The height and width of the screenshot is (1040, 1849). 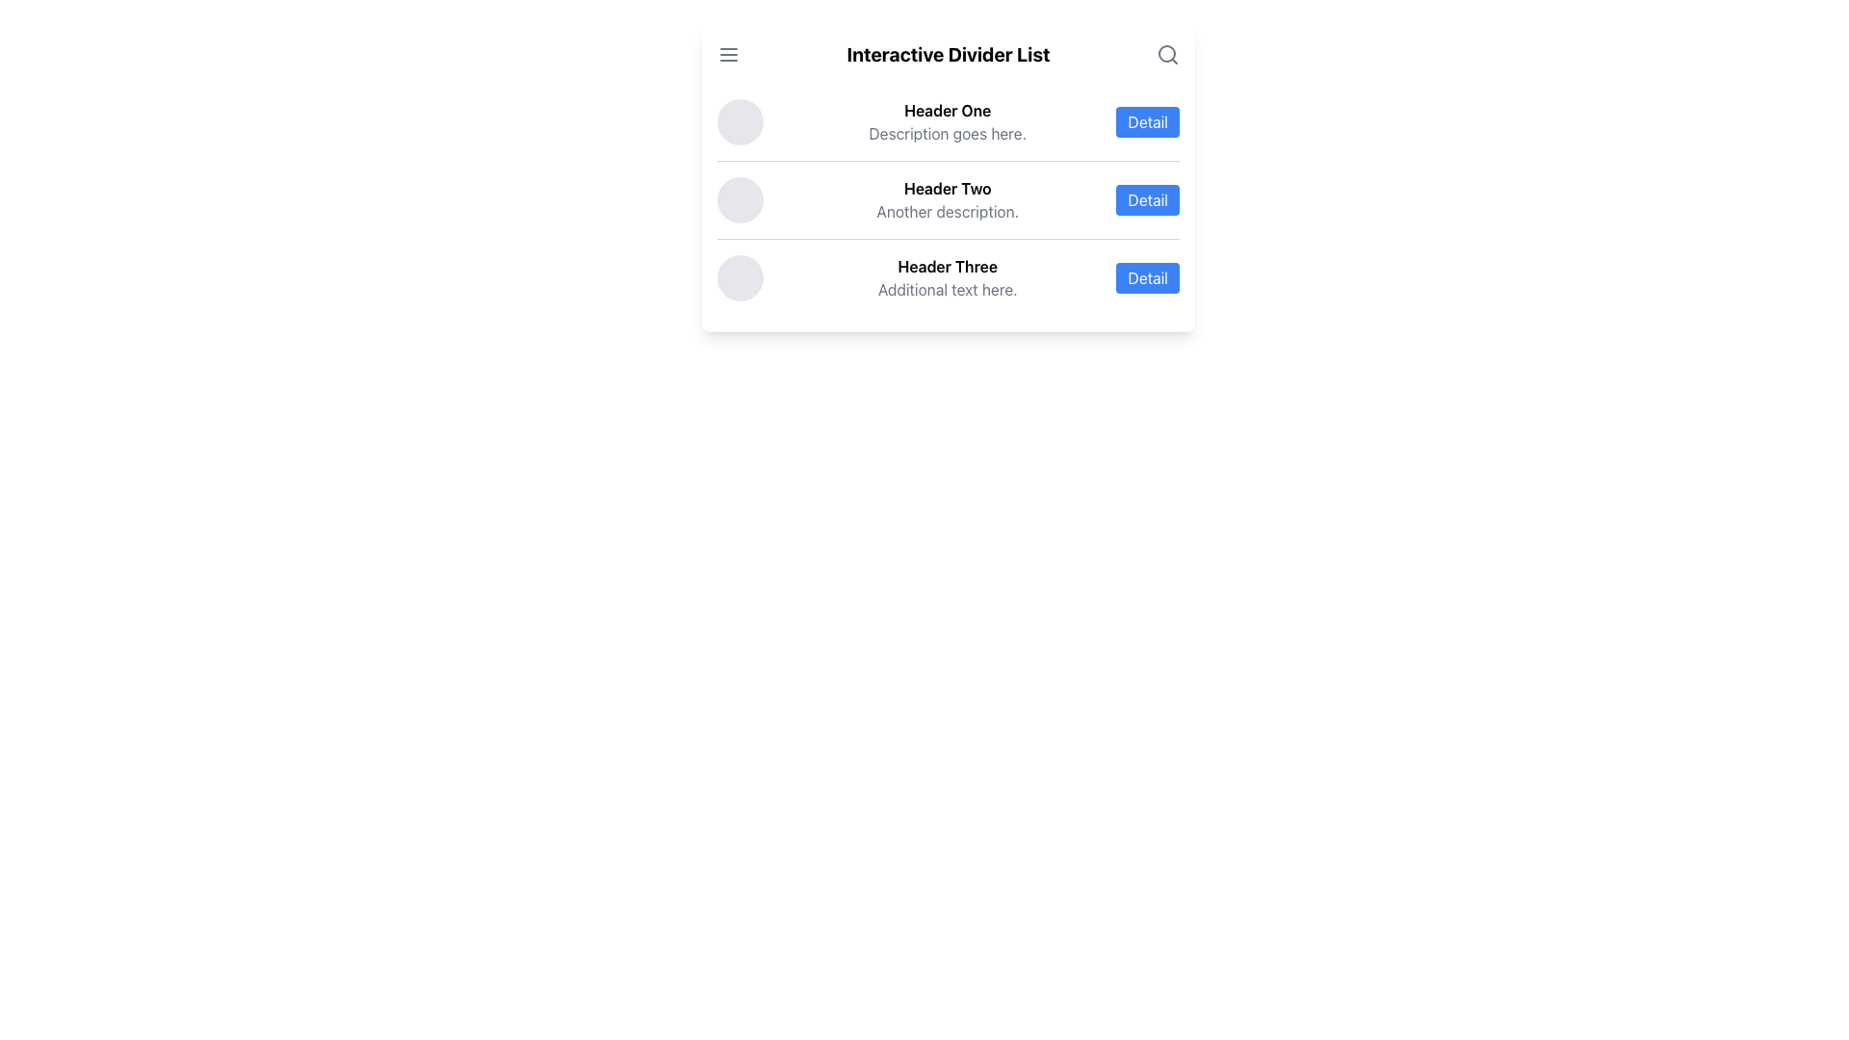 What do you see at coordinates (948, 267) in the screenshot?
I see `the text label displaying 'Header Three', which is the main header in its row within a vertical list of items, positioned at the bottommost part of the list` at bounding box center [948, 267].